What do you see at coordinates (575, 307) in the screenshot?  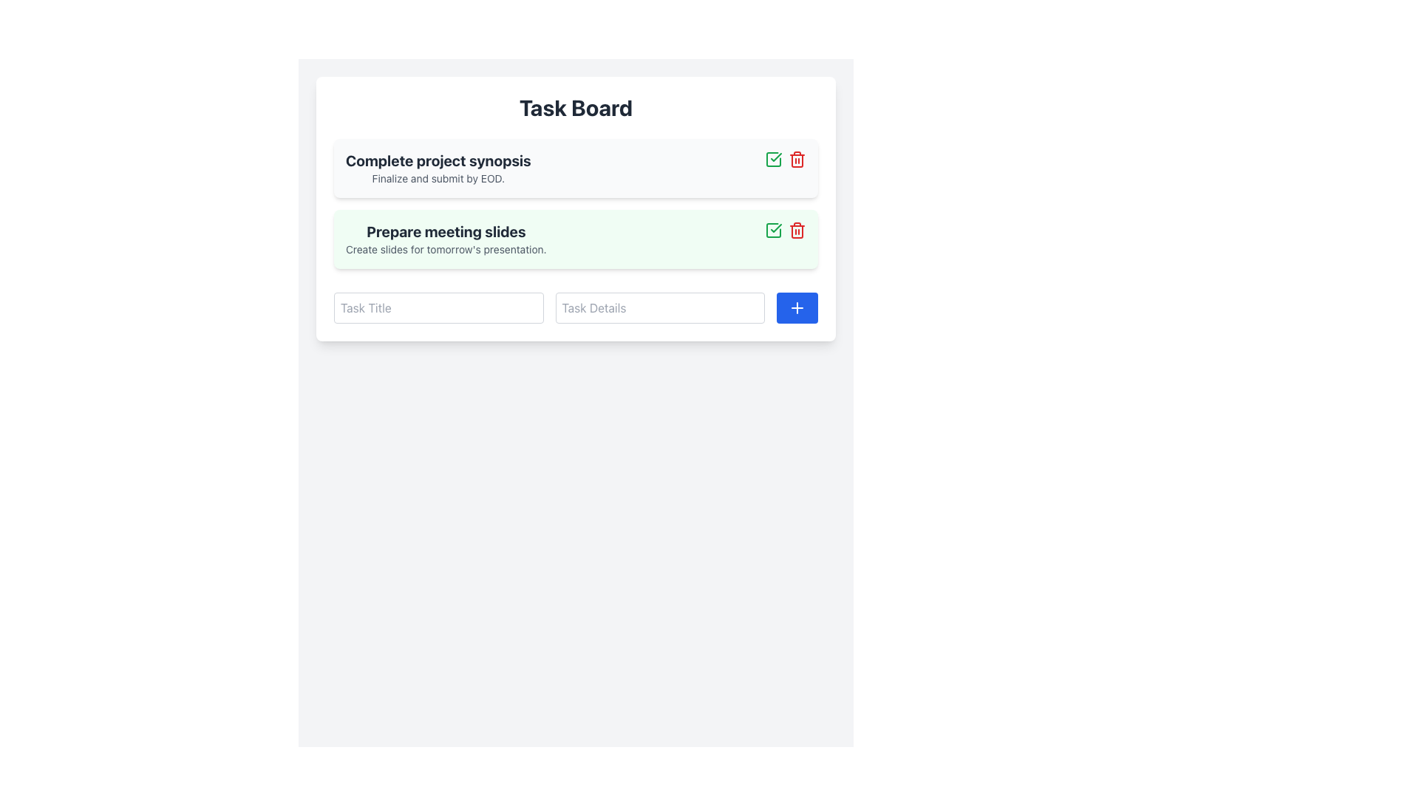 I see `to place the cursor inside the second text input box located at the bottom of the Task Board, positioned between the 'Task Title' input and a blue '+' button` at bounding box center [575, 307].